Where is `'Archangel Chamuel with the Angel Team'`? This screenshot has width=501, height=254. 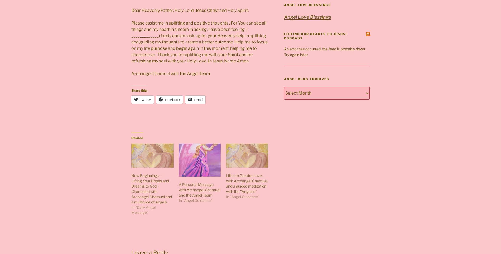 'Archangel Chamuel with the Angel Team' is located at coordinates (171, 73).